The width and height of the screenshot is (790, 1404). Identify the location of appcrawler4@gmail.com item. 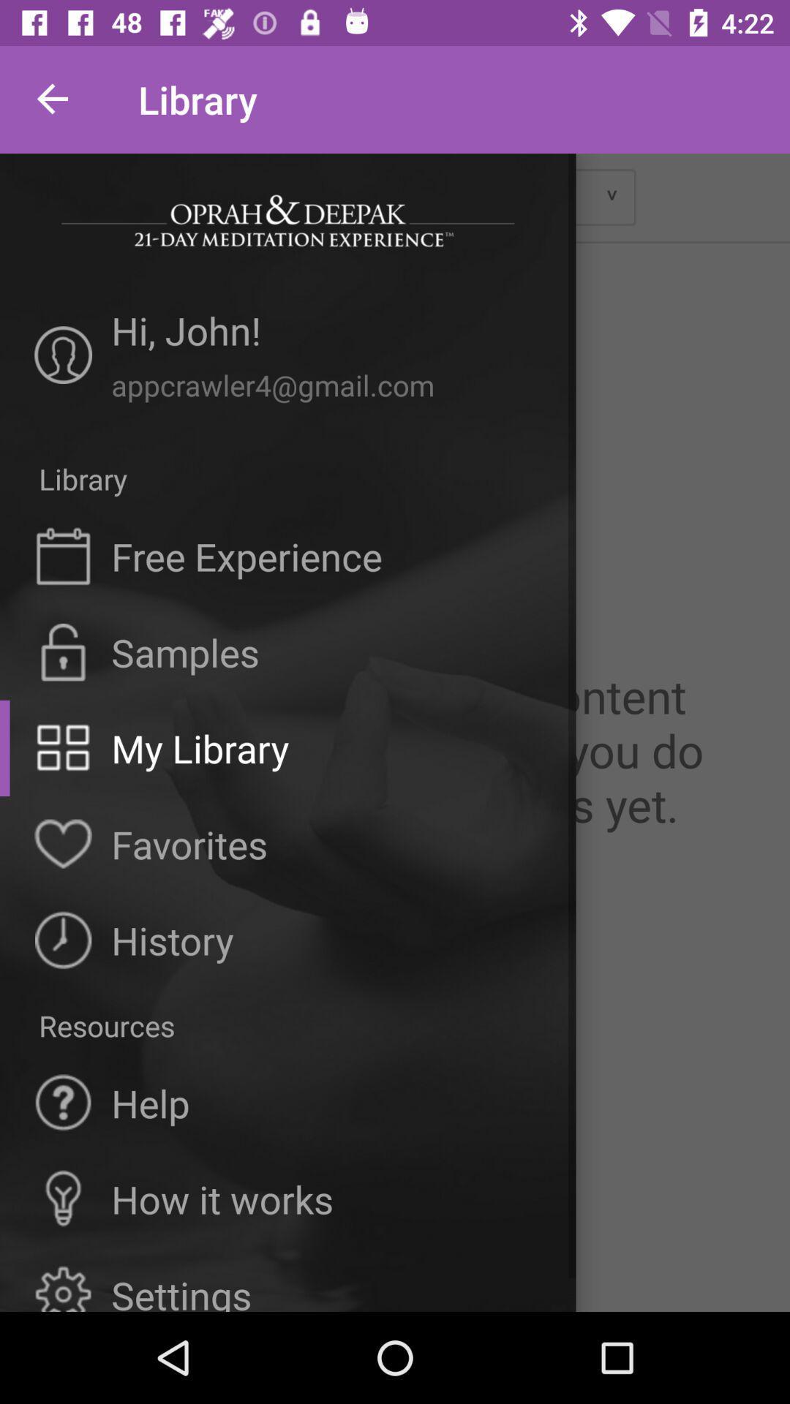
(326, 385).